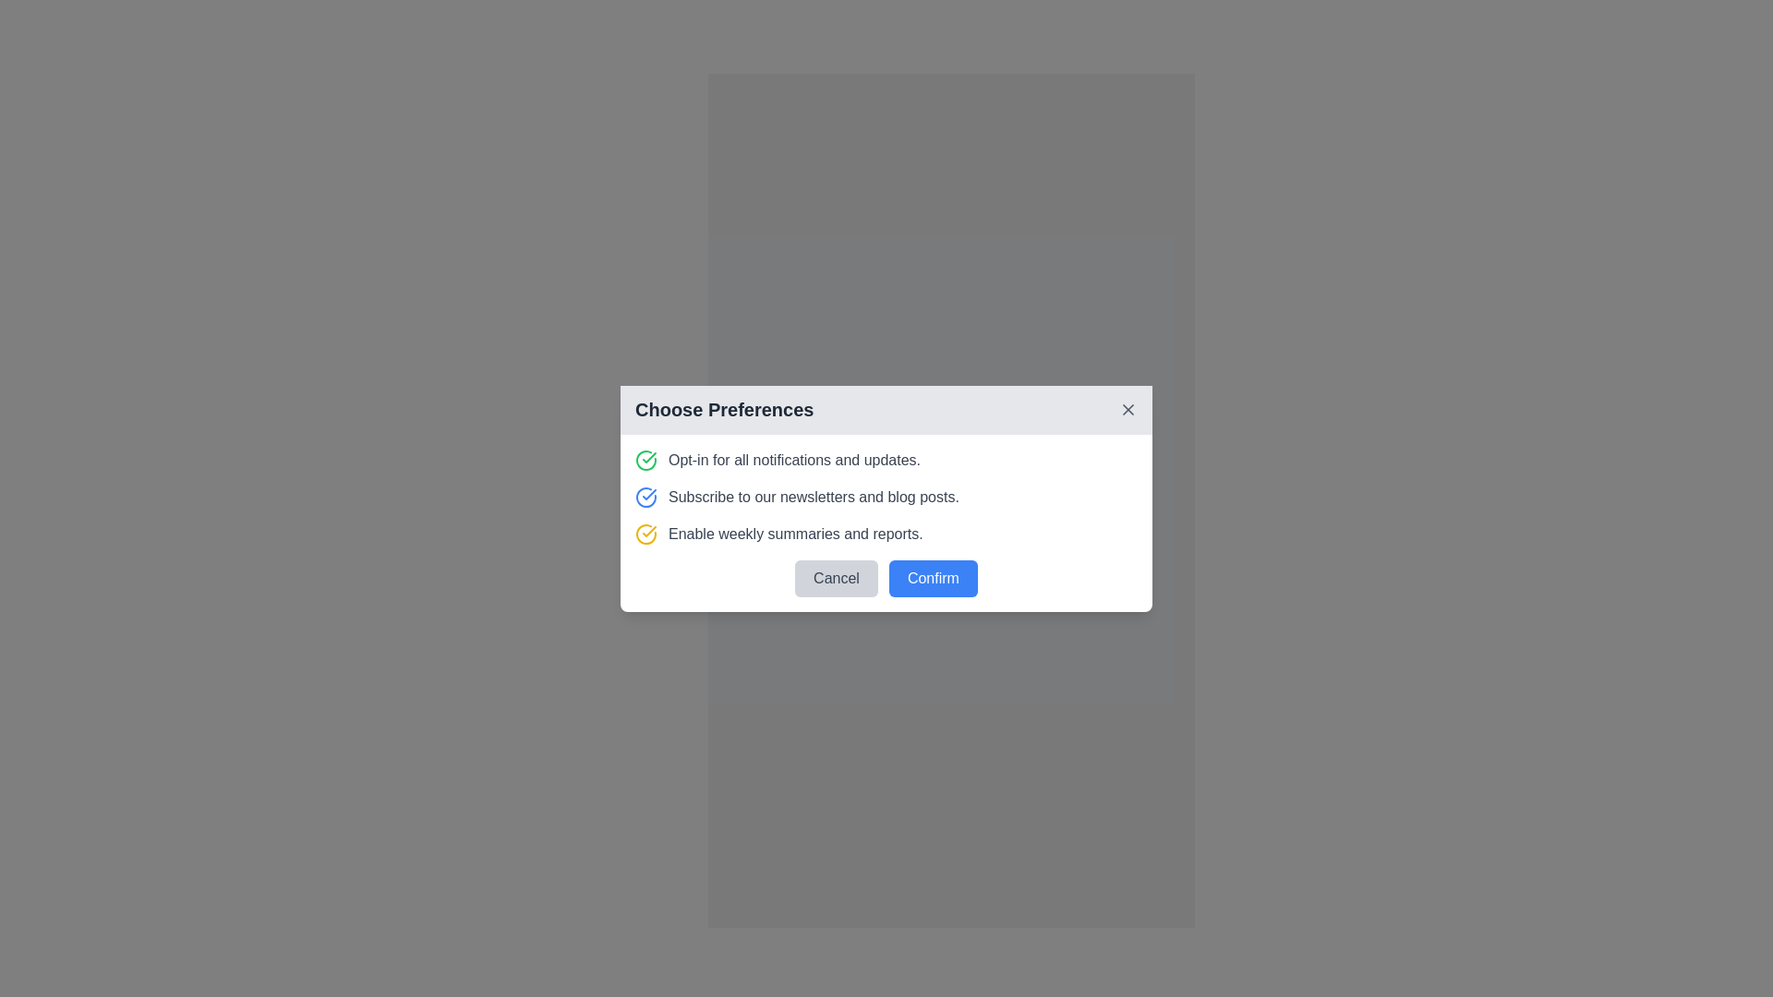 Image resolution: width=1773 pixels, height=997 pixels. What do you see at coordinates (886, 458) in the screenshot?
I see `the first option in the list of preferences for notifications and updates in the modal dialog` at bounding box center [886, 458].